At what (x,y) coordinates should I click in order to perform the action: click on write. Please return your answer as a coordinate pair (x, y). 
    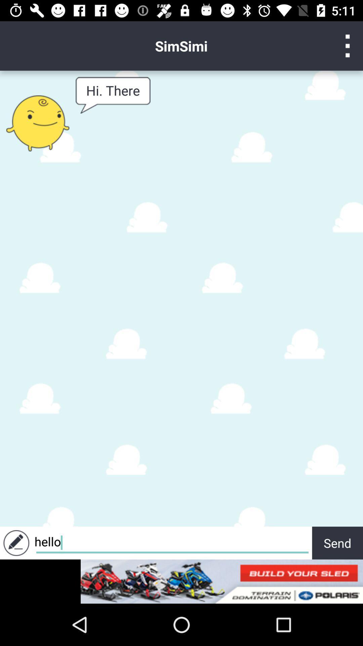
    Looking at the image, I should click on (16, 543).